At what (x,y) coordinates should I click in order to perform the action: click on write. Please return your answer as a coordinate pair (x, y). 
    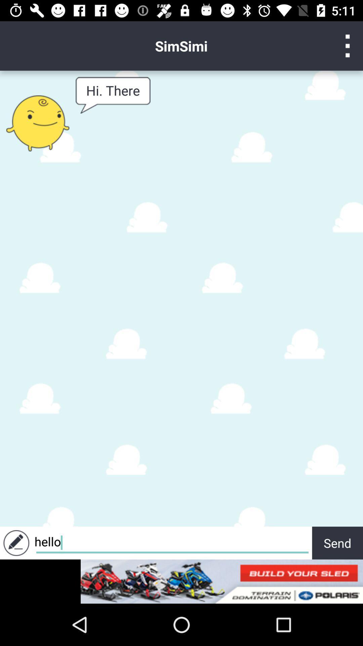
    Looking at the image, I should click on (16, 543).